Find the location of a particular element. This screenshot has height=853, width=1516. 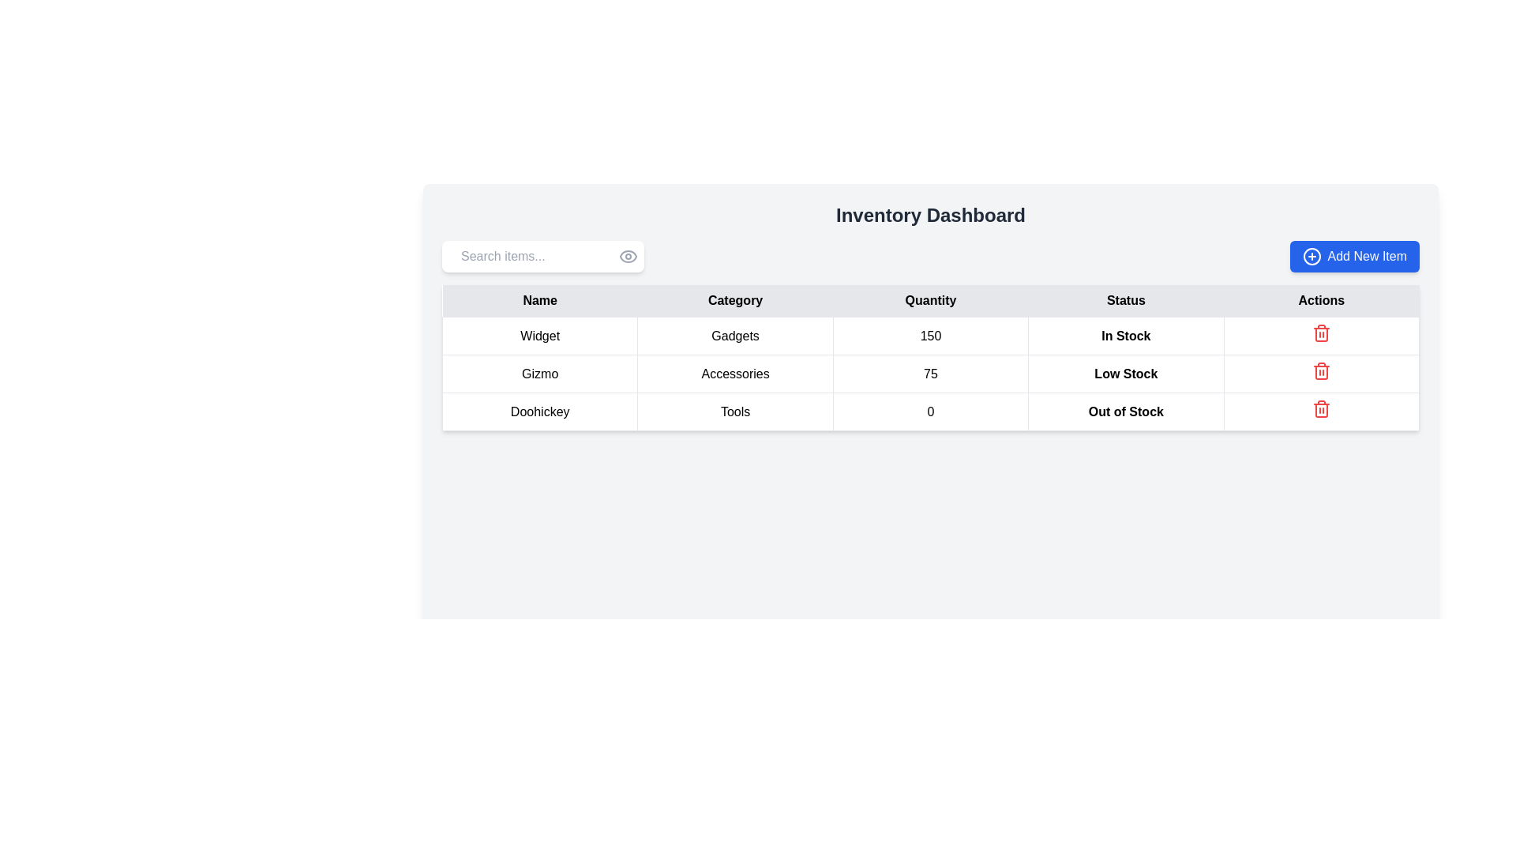

text content of the 'Out of Stock' status label for the product 'Doohickey', which is located in the 'Status' column of the last row in the table is located at coordinates (1125, 411).